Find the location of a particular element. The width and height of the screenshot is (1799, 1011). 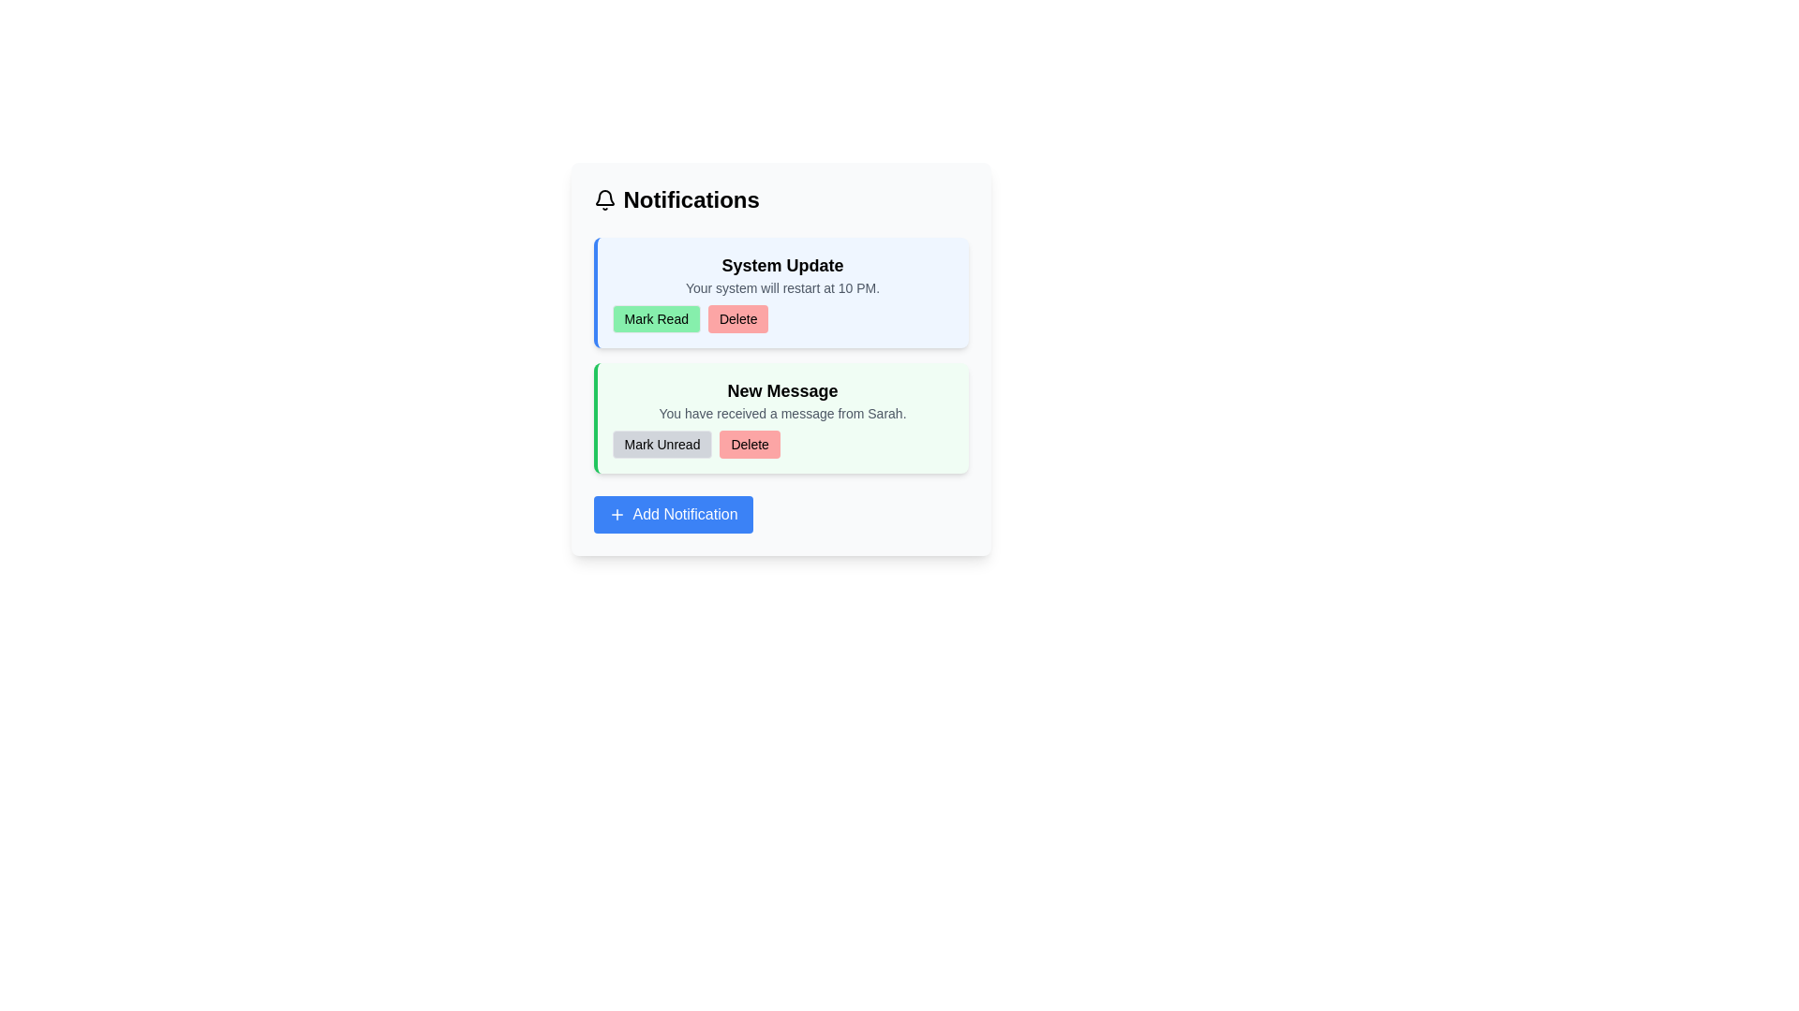

the 'Delete' button in the action bar of the 'System Update' notification is located at coordinates (782, 317).